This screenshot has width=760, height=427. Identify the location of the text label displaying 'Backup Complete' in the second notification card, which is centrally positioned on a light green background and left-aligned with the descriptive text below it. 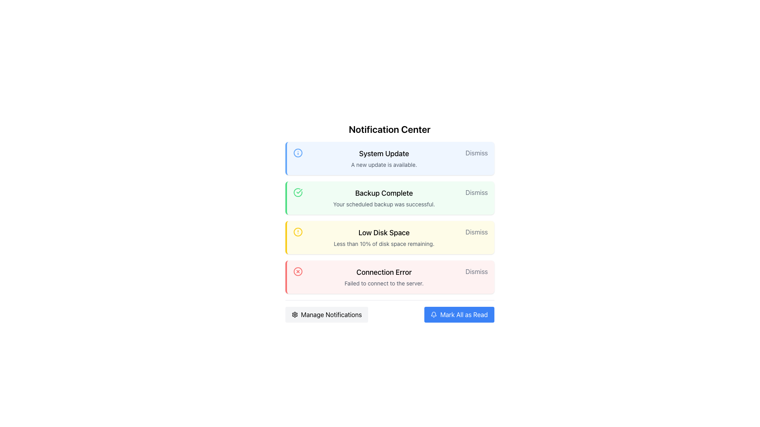
(384, 193).